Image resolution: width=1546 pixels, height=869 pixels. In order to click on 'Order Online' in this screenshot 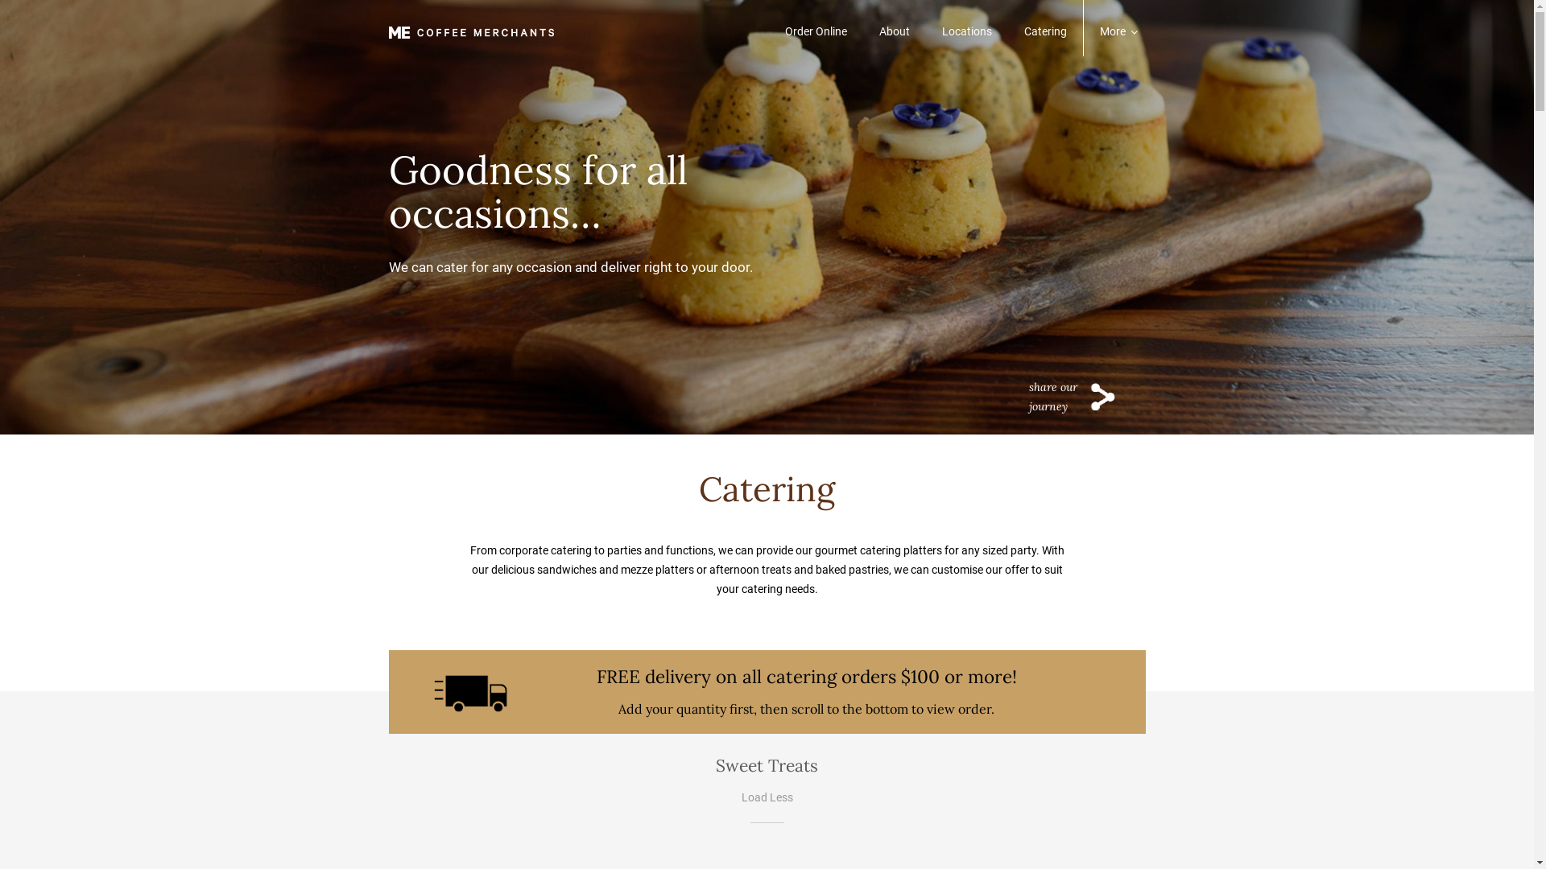, I will do `click(815, 31)`.